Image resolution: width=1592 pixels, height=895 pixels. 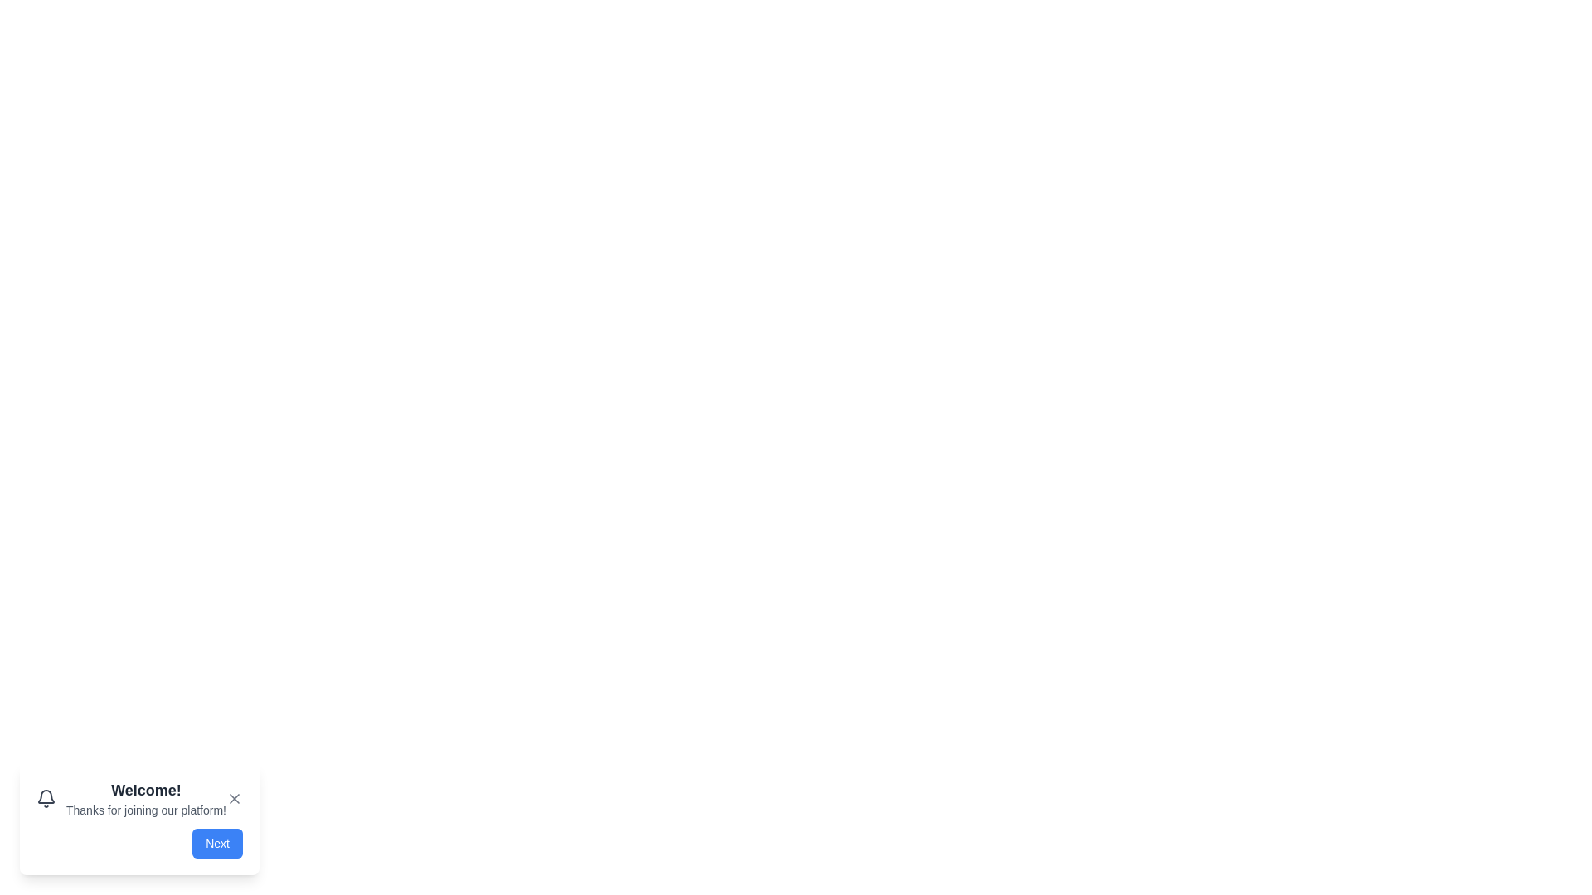 What do you see at coordinates (234, 798) in the screenshot?
I see `the close button to close the notification` at bounding box center [234, 798].